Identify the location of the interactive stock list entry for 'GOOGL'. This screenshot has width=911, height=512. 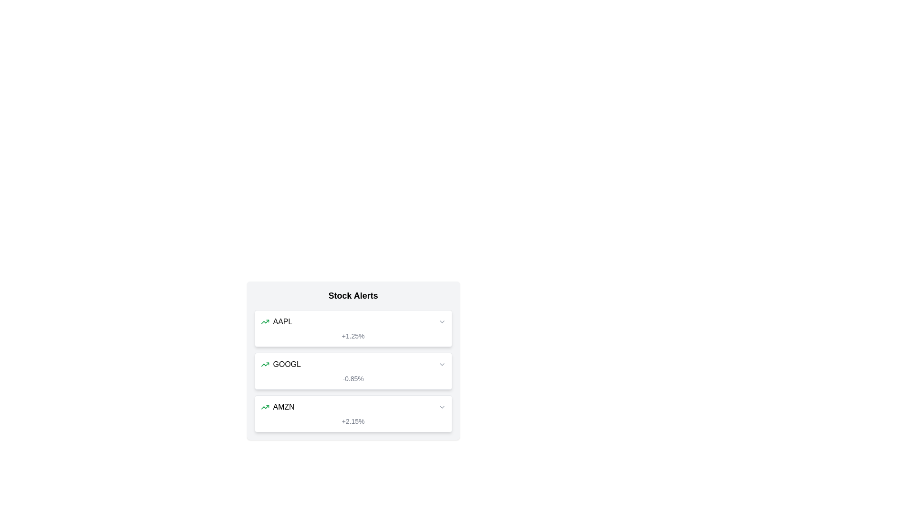
(353, 364).